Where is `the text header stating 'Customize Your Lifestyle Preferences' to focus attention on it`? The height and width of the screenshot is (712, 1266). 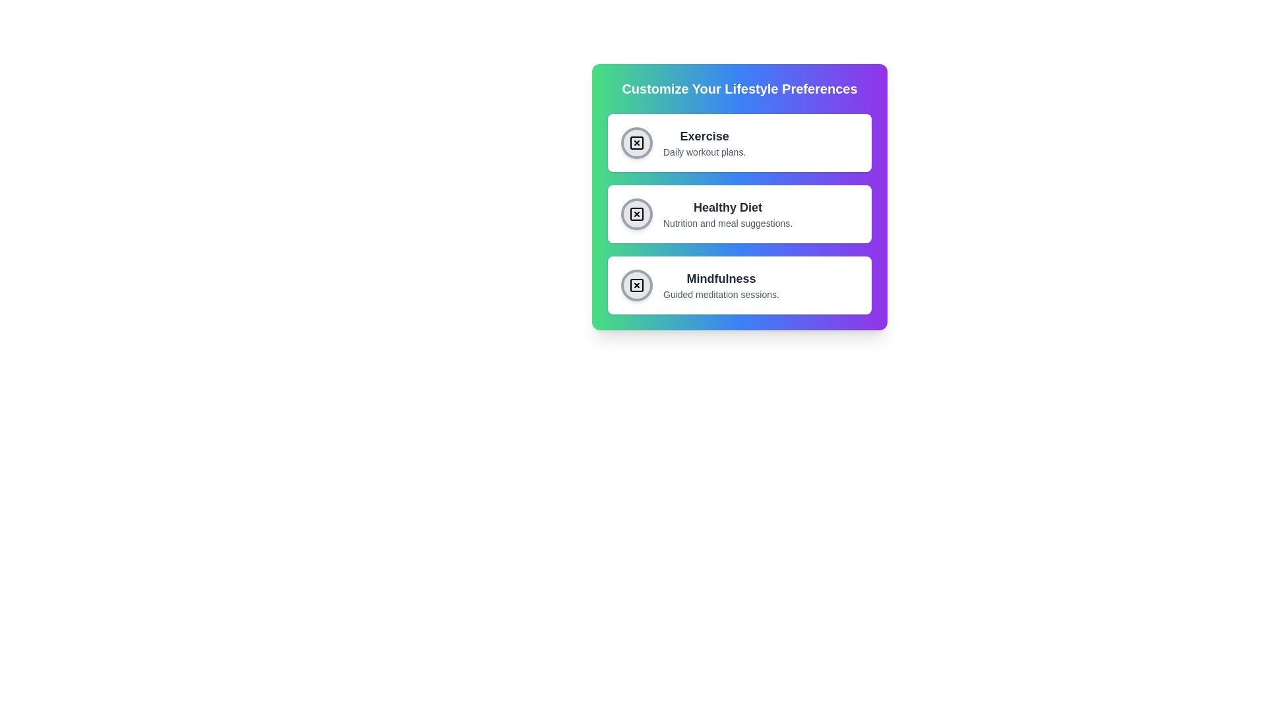 the text header stating 'Customize Your Lifestyle Preferences' to focus attention on it is located at coordinates (740, 89).